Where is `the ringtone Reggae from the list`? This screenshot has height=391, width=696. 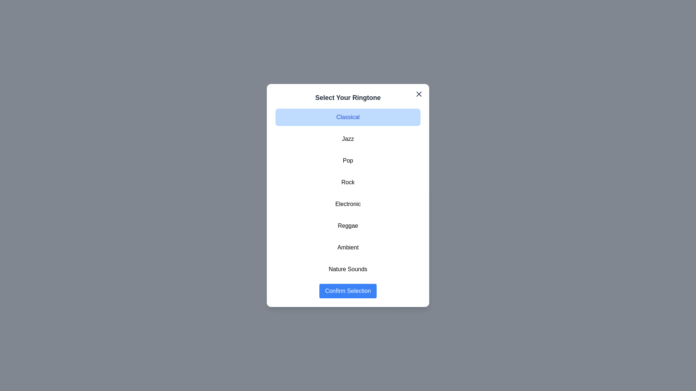 the ringtone Reggae from the list is located at coordinates (348, 226).